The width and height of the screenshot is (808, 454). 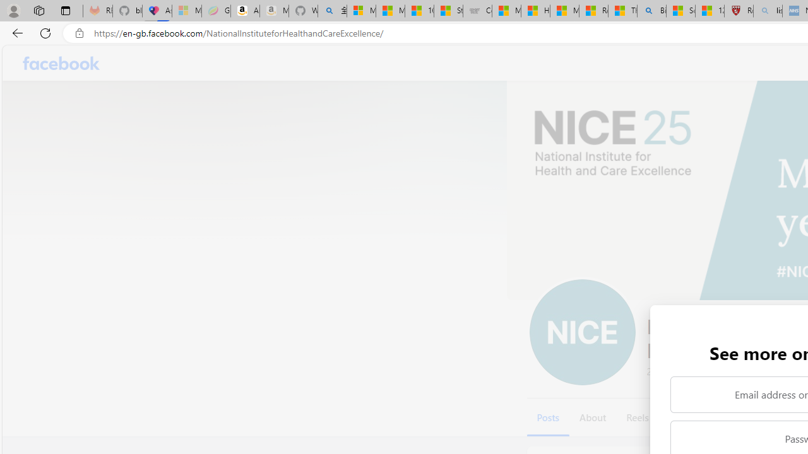 I want to click on 'Microsoft-Report a Concern to Bing - Sleeping', so click(x=186, y=11).